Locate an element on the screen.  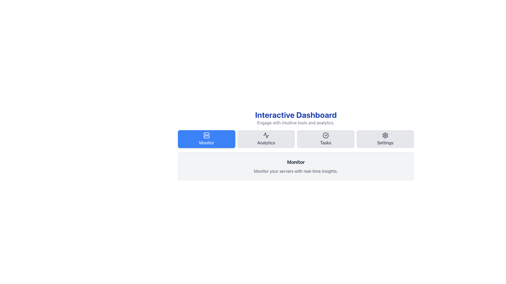
the settings button located at the right end of the toolbar, which is the fourth button from the left is located at coordinates (385, 139).